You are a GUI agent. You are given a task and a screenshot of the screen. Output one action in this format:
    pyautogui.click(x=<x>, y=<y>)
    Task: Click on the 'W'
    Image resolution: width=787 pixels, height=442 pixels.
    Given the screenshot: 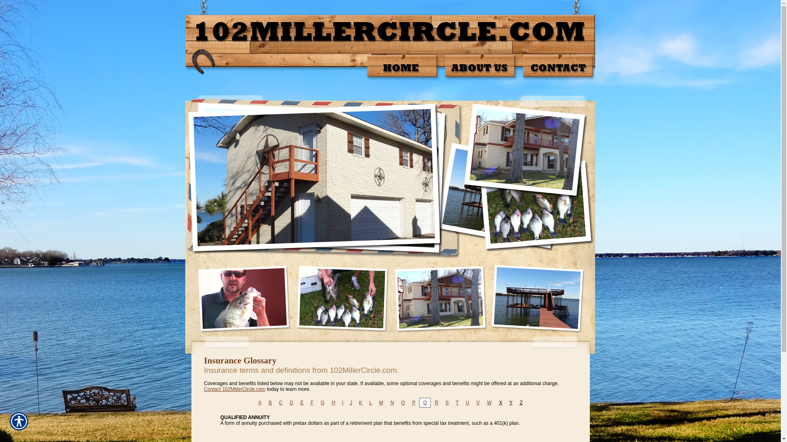 What is the action you would take?
    pyautogui.click(x=489, y=402)
    